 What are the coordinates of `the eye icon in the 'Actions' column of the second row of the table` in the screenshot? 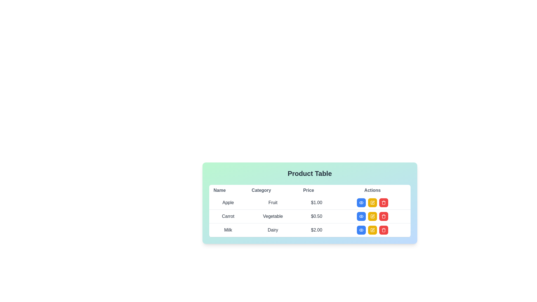 It's located at (361, 216).